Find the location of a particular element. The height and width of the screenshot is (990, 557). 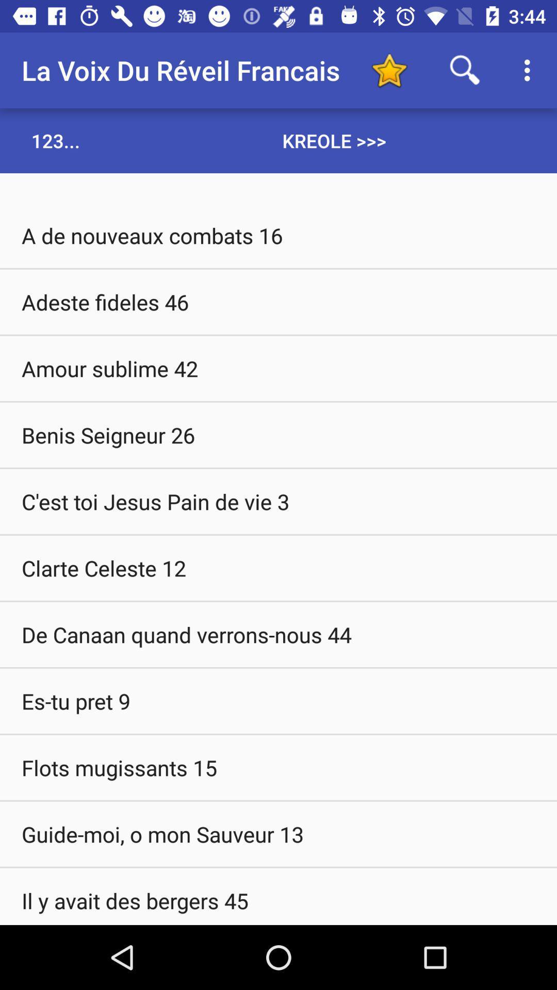

de canaan quand icon is located at coordinates (278, 634).